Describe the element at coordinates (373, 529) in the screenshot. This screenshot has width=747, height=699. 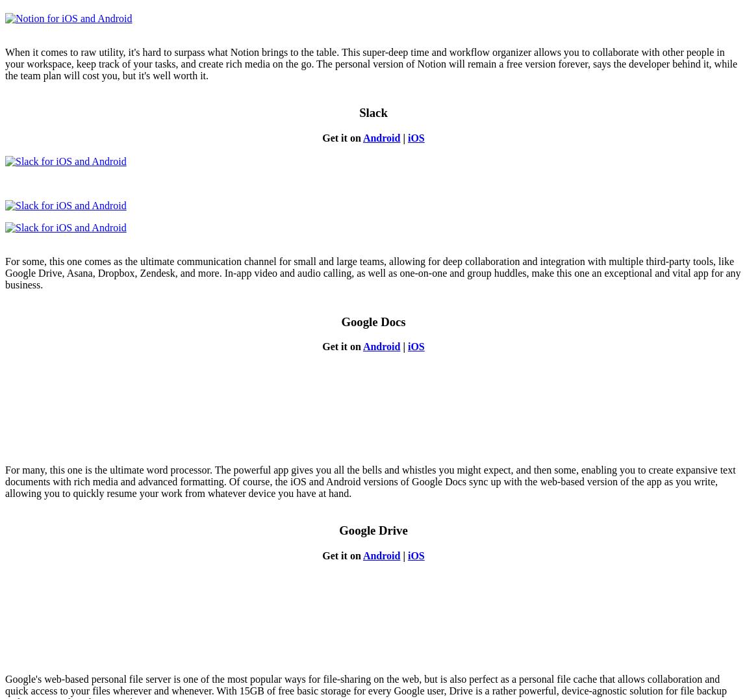
I see `'Google Drive'` at that location.